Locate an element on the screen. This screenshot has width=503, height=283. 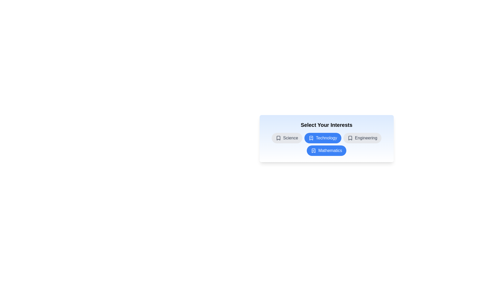
the chip labeled Science is located at coordinates (286, 138).